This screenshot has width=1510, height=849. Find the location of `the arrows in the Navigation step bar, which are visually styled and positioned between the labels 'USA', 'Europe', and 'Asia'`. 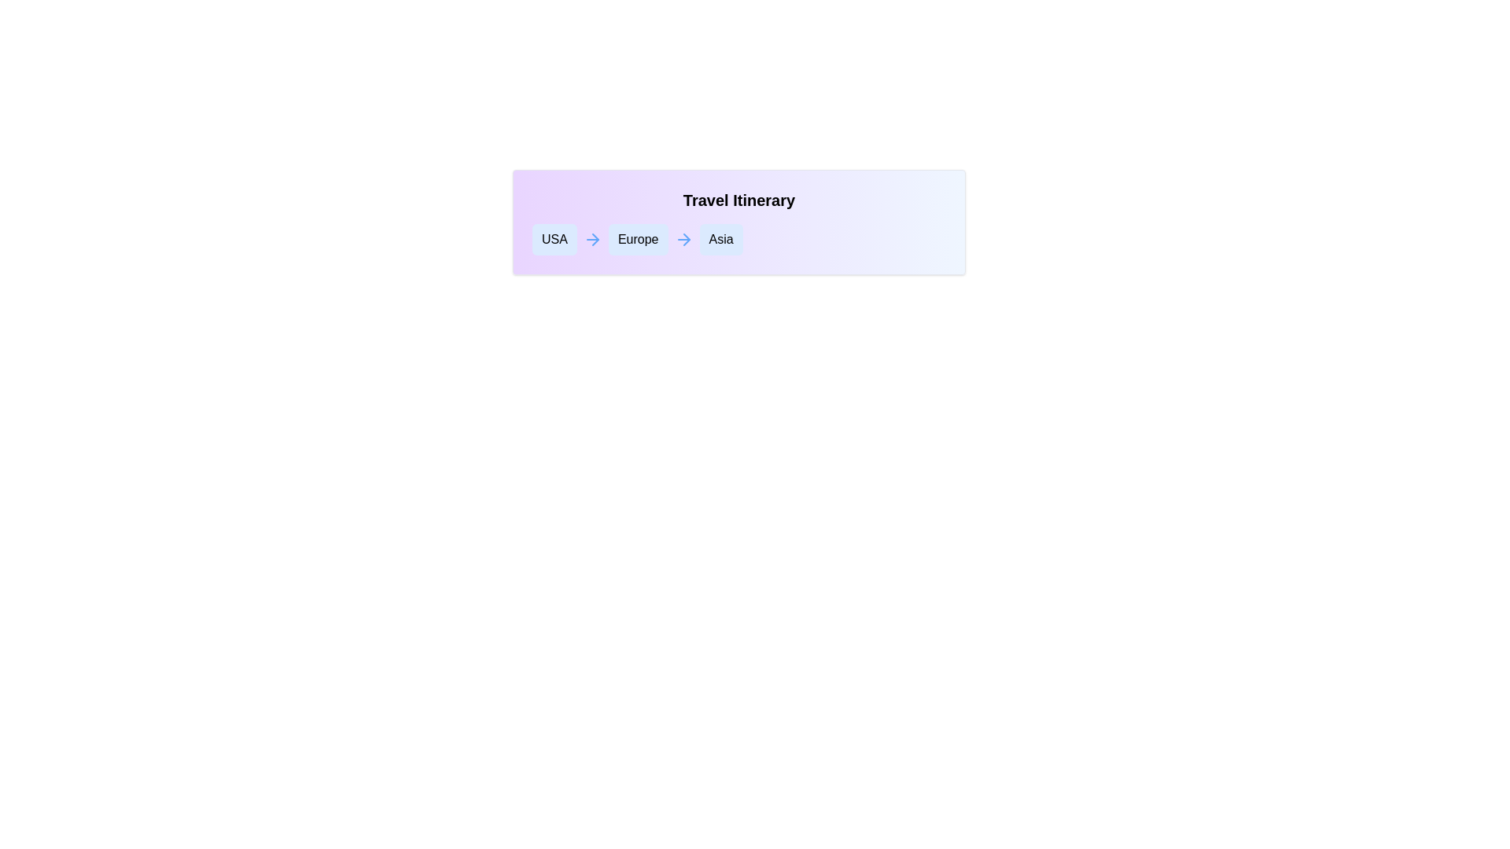

the arrows in the Navigation step bar, which are visually styled and positioned between the labels 'USA', 'Europe', and 'Asia' is located at coordinates (738, 239).